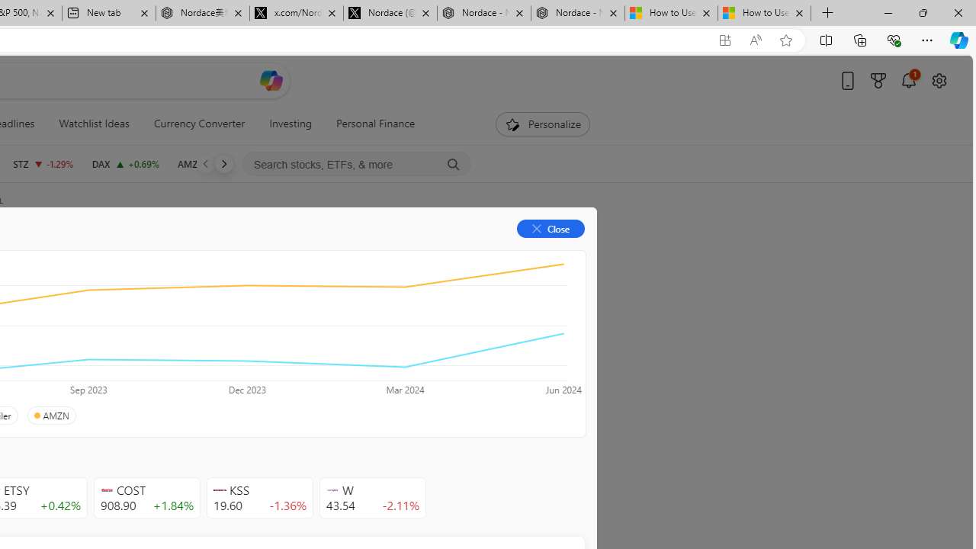  What do you see at coordinates (93, 124) in the screenshot?
I see `'Watchlist Ideas'` at bounding box center [93, 124].